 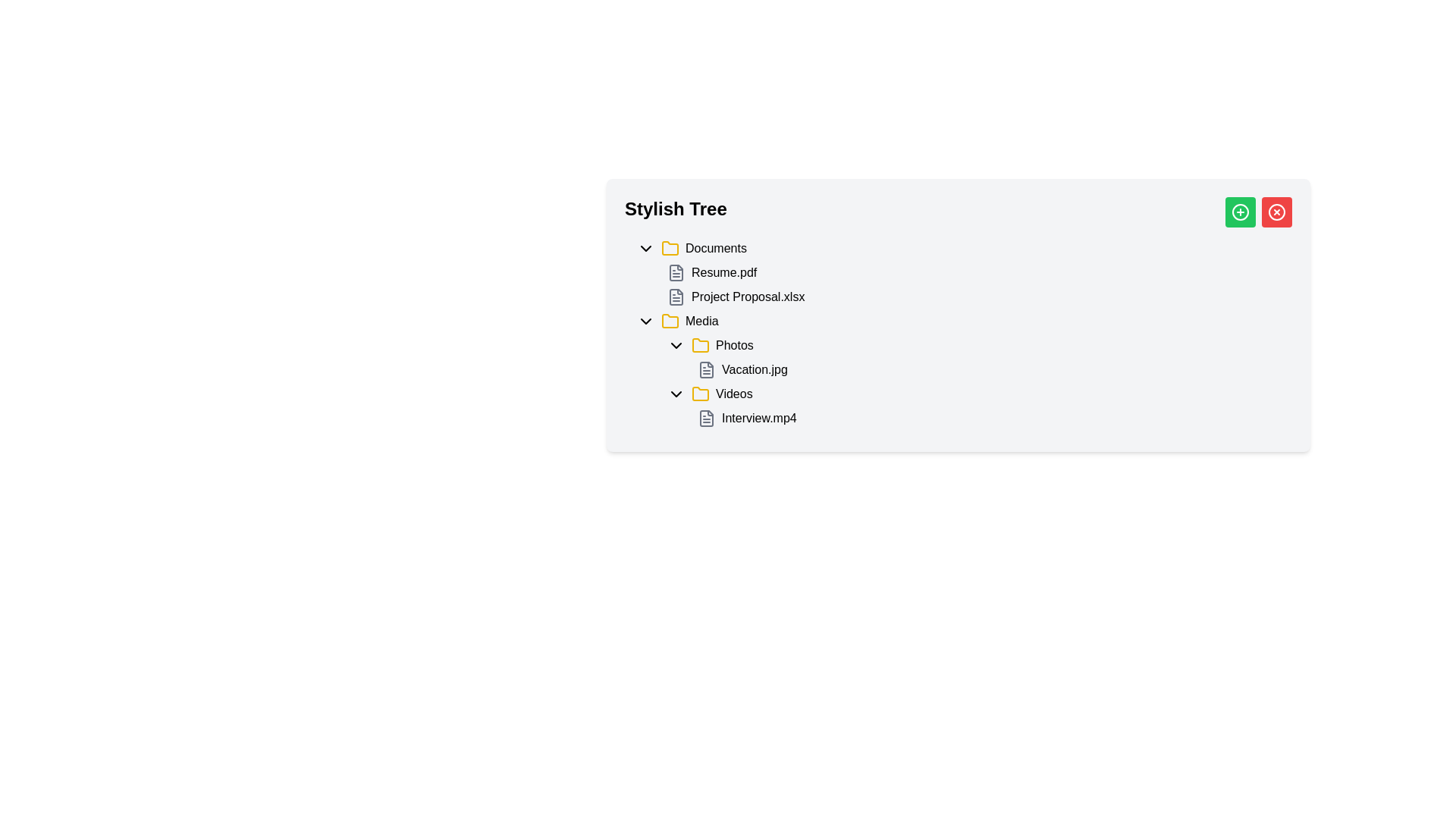 I want to click on the green circular action button with a '+' sign, located in the top-right corner of the gray panel, so click(x=1241, y=212).